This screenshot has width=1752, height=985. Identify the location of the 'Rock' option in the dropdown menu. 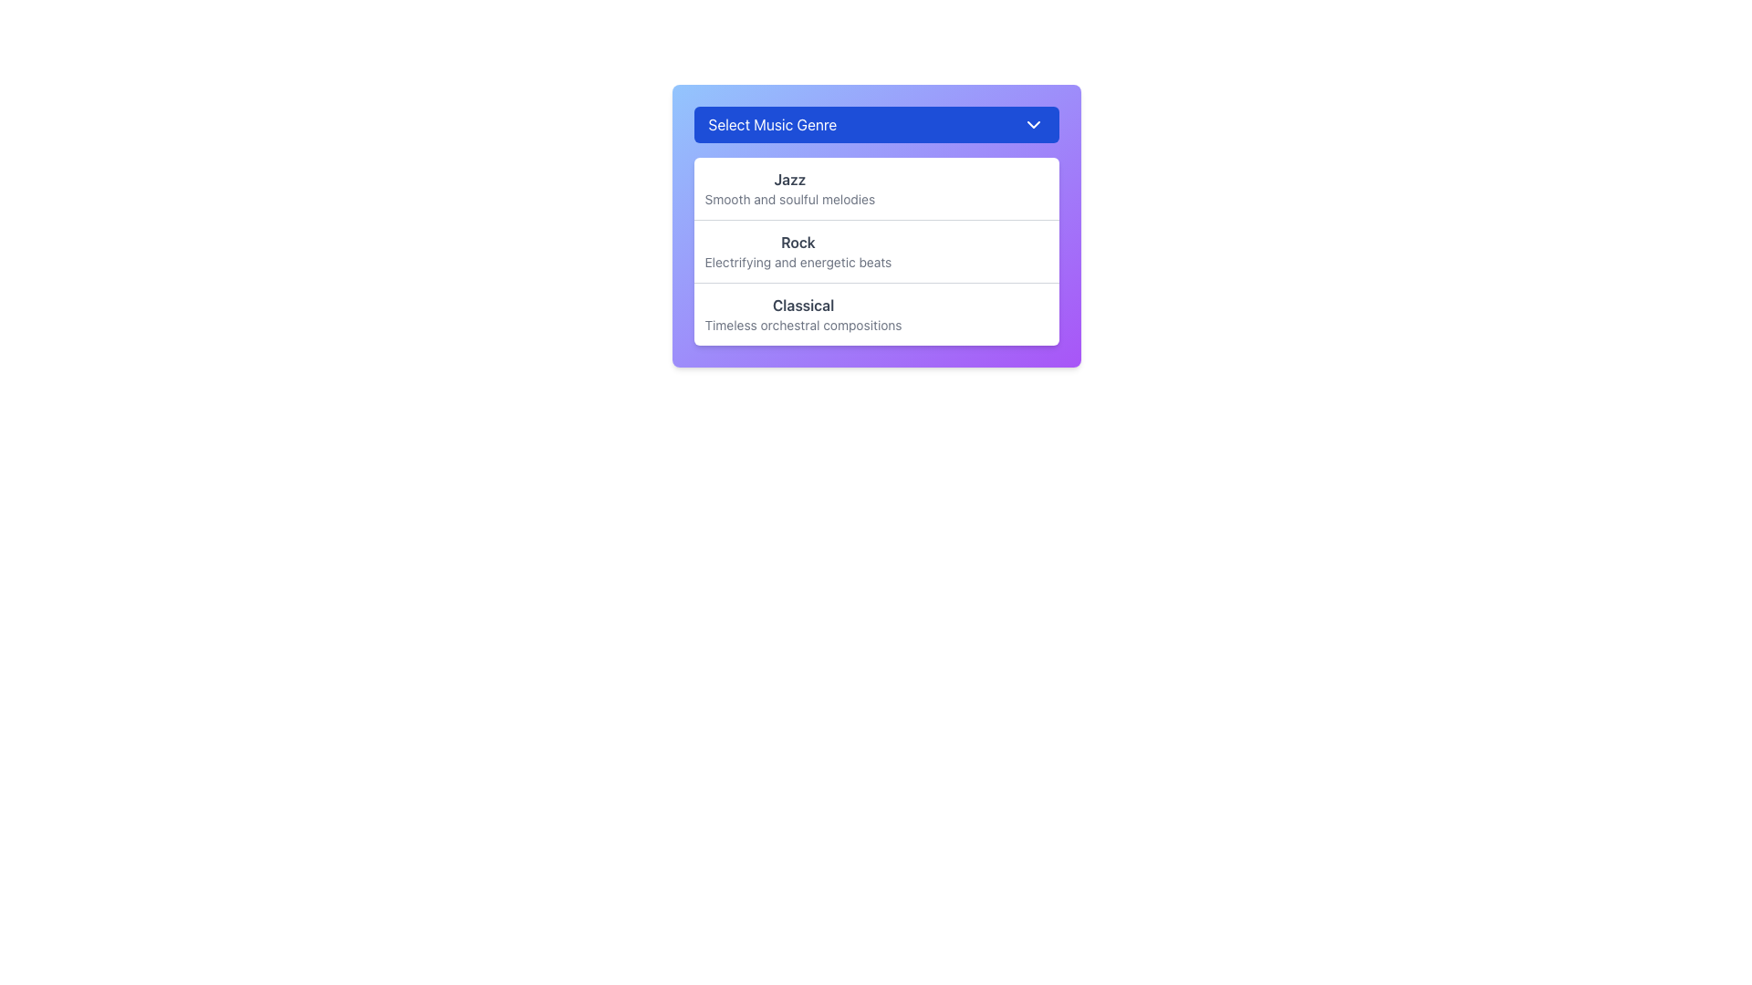
(798, 252).